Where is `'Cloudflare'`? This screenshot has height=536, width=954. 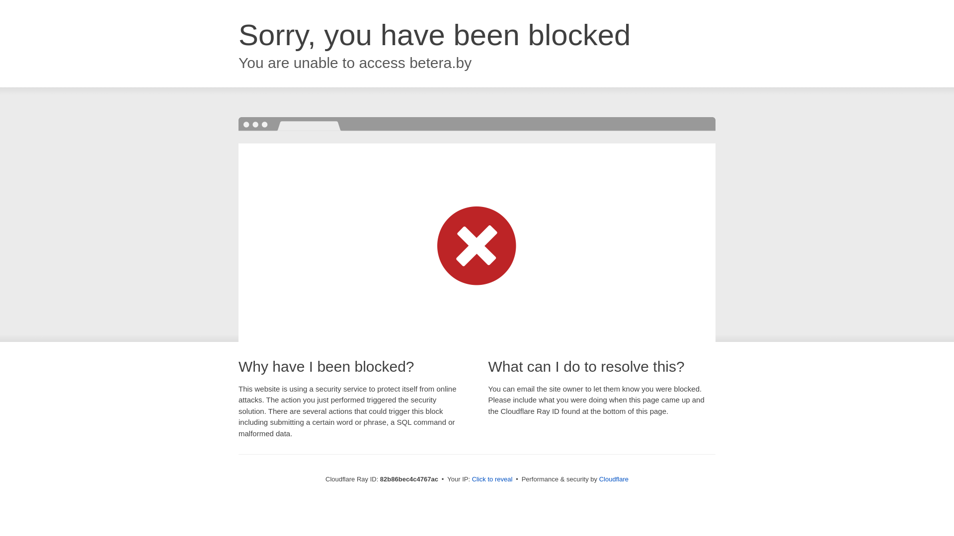
'Cloudflare' is located at coordinates (598, 478).